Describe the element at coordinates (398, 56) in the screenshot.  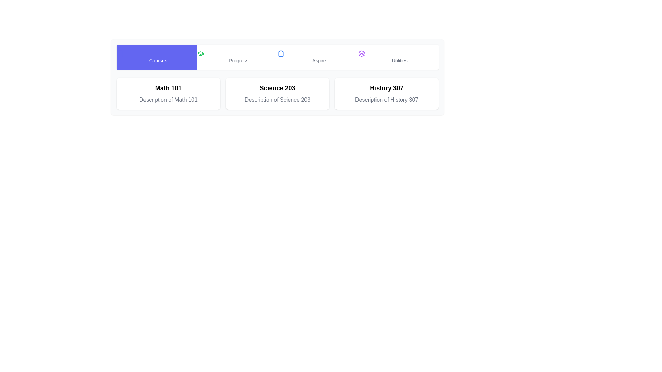
I see `the 'Utilities' navigation link with a purple icon and gray text for visual feedback` at that location.